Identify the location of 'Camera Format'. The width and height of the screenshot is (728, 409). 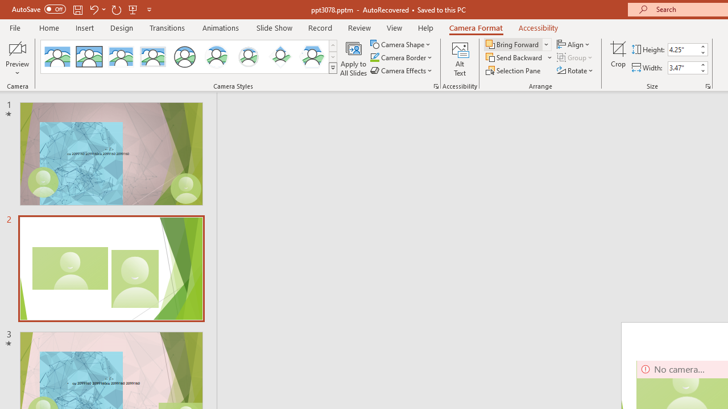
(476, 27).